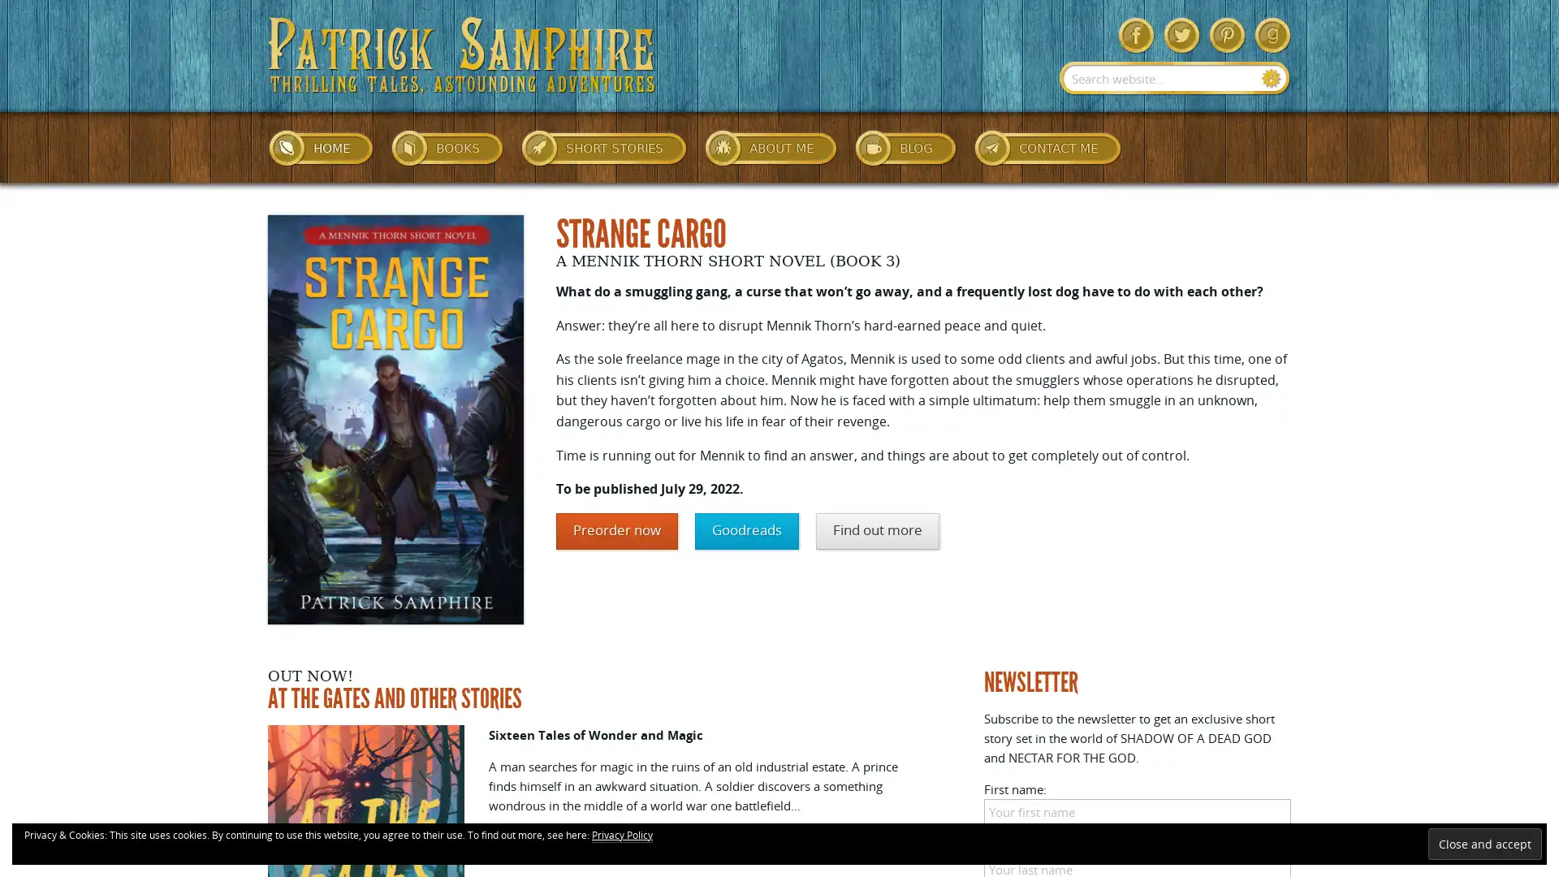  I want to click on Close and accept, so click(1484, 843).